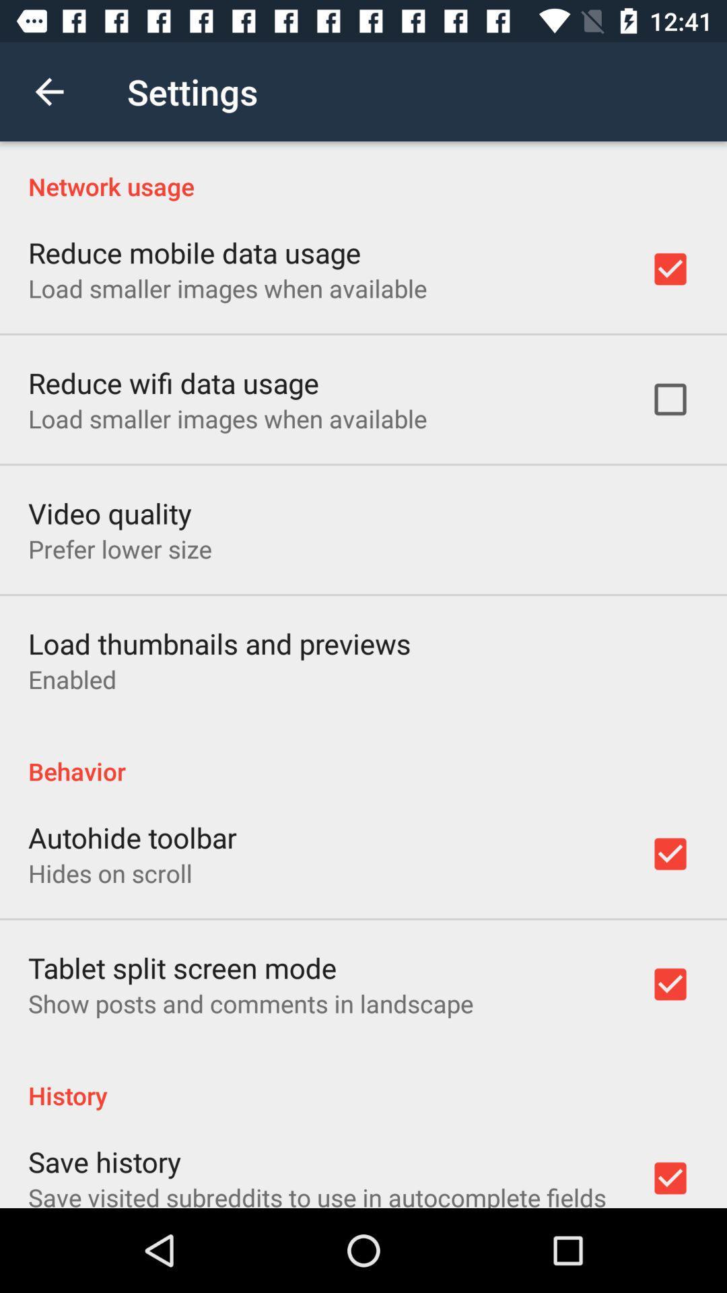  What do you see at coordinates (104, 1160) in the screenshot?
I see `save history icon` at bounding box center [104, 1160].